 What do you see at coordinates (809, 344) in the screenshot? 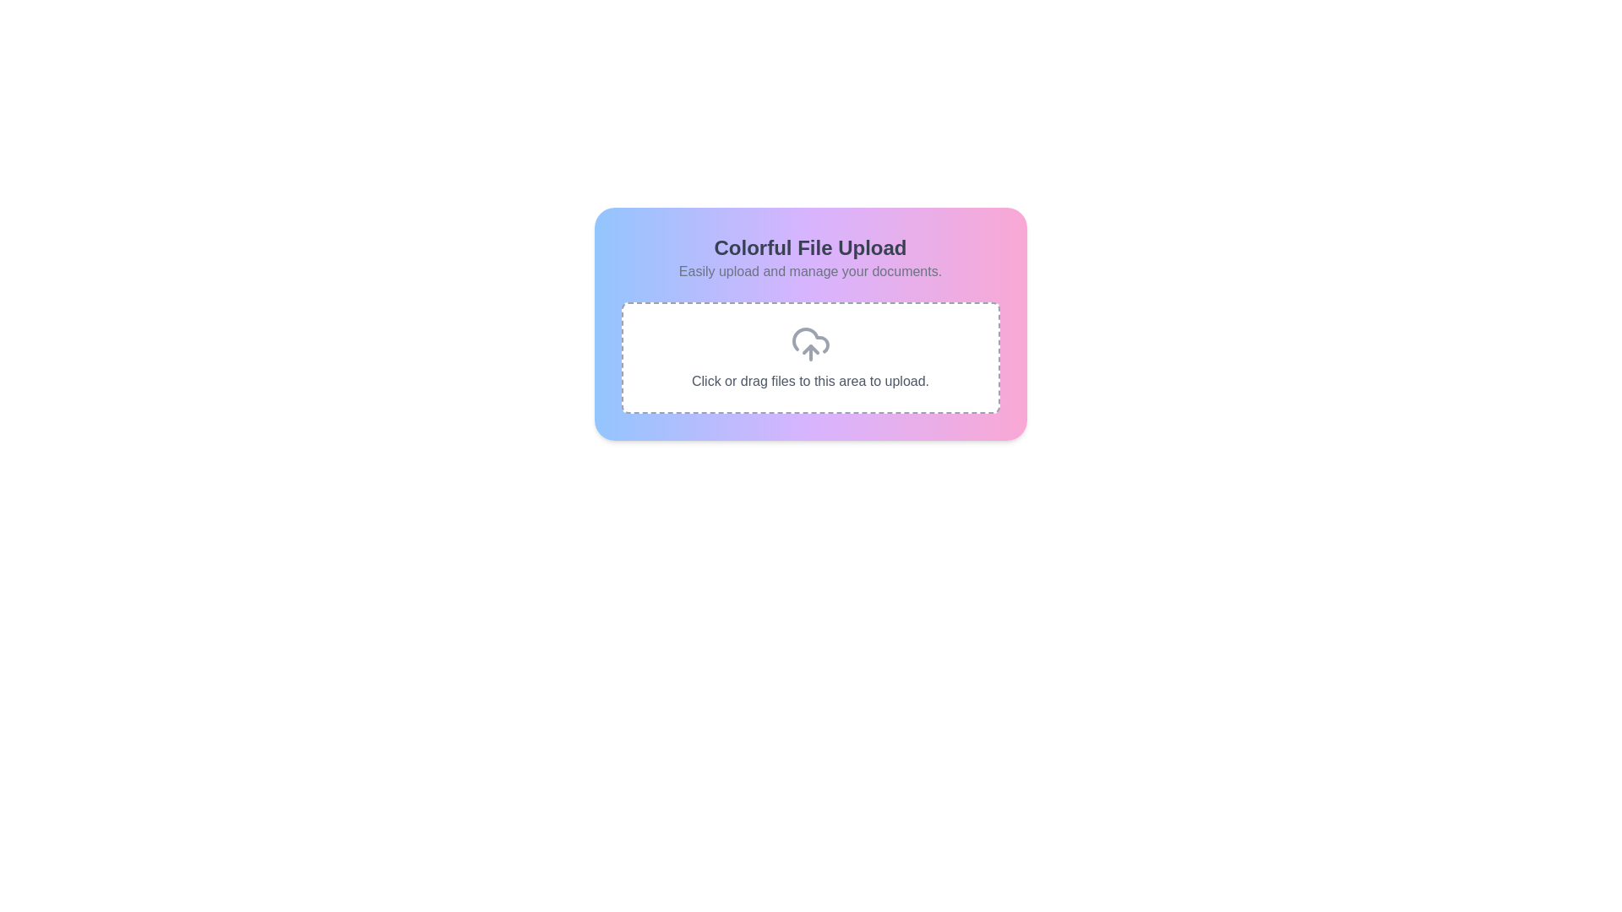
I see `the file upload icon located centrally above the text 'Click or drag files to this area to upload.'` at bounding box center [809, 344].